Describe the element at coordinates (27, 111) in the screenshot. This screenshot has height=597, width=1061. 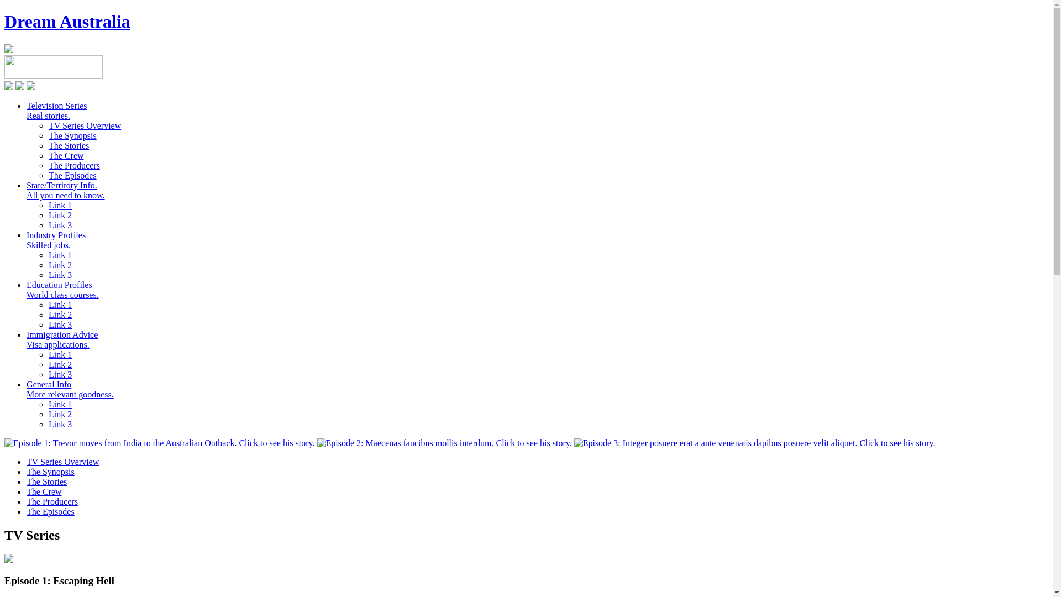
I see `'Television Series` at that location.